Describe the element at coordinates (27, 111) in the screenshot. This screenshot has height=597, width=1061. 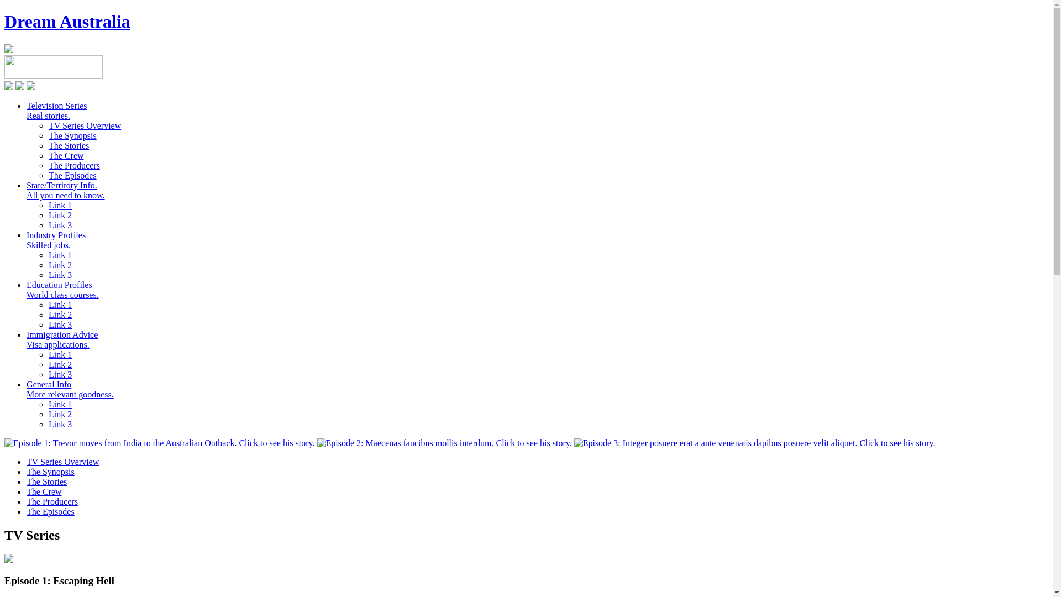
I see `'Television Series` at that location.